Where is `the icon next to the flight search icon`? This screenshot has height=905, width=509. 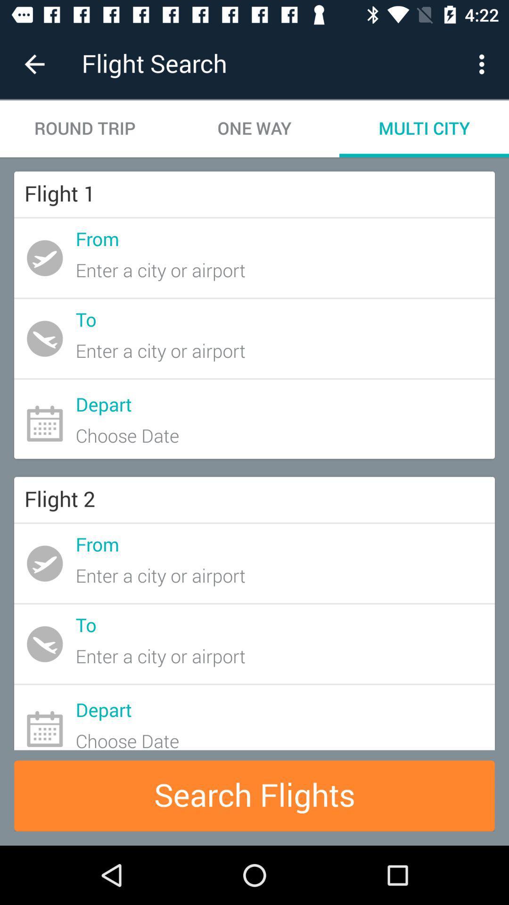 the icon next to the flight search icon is located at coordinates (34, 64).